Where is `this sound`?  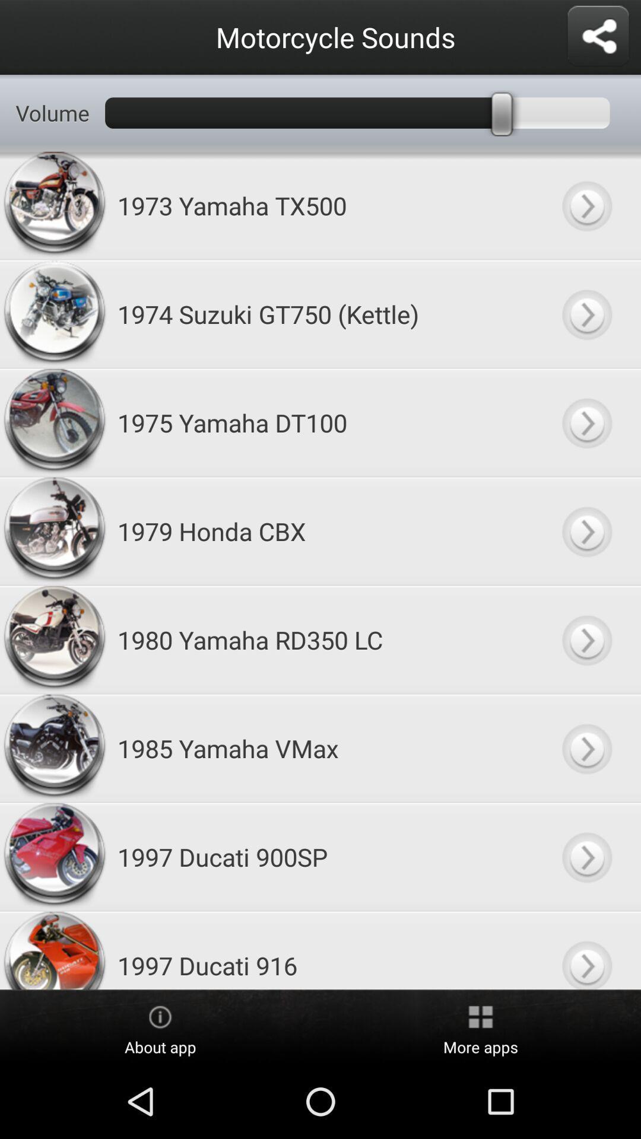
this sound is located at coordinates (586, 747).